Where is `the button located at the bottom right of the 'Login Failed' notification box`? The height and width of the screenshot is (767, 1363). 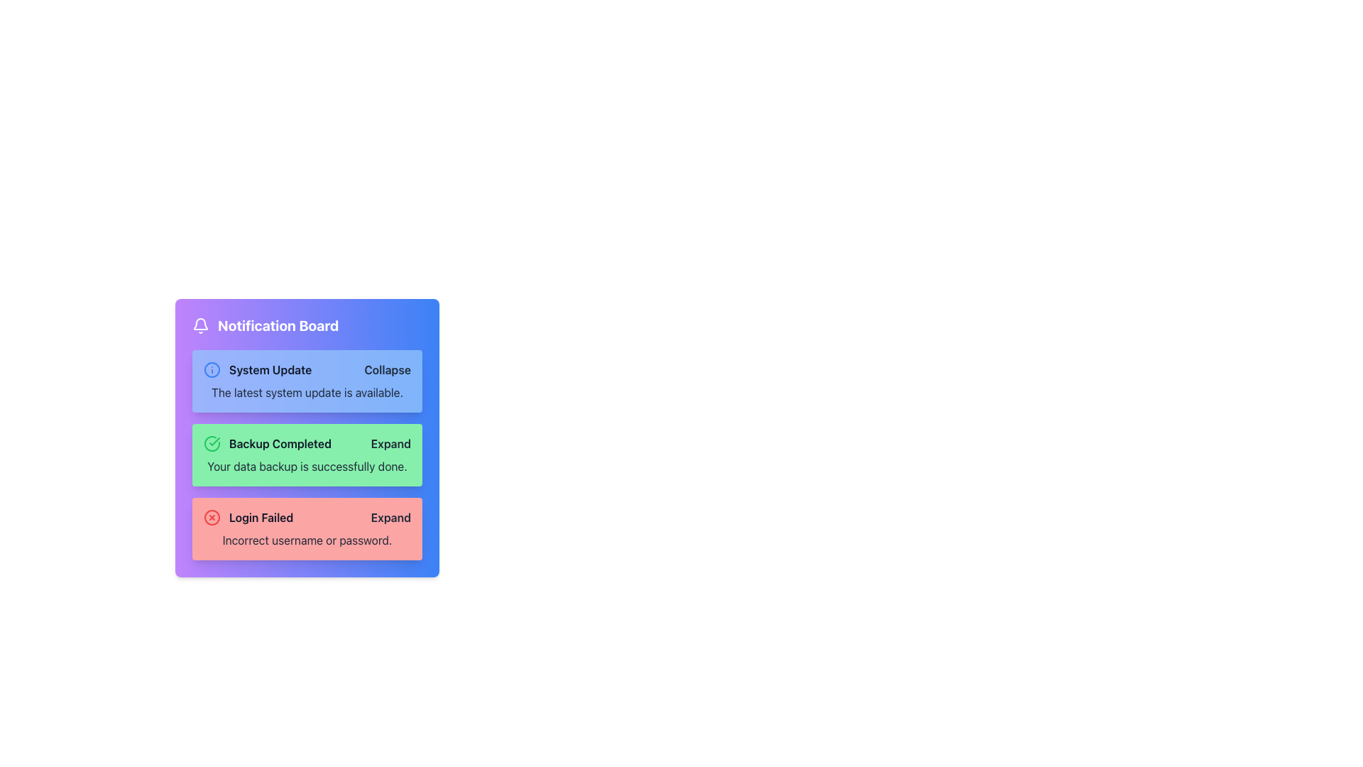 the button located at the bottom right of the 'Login Failed' notification box is located at coordinates (390, 518).